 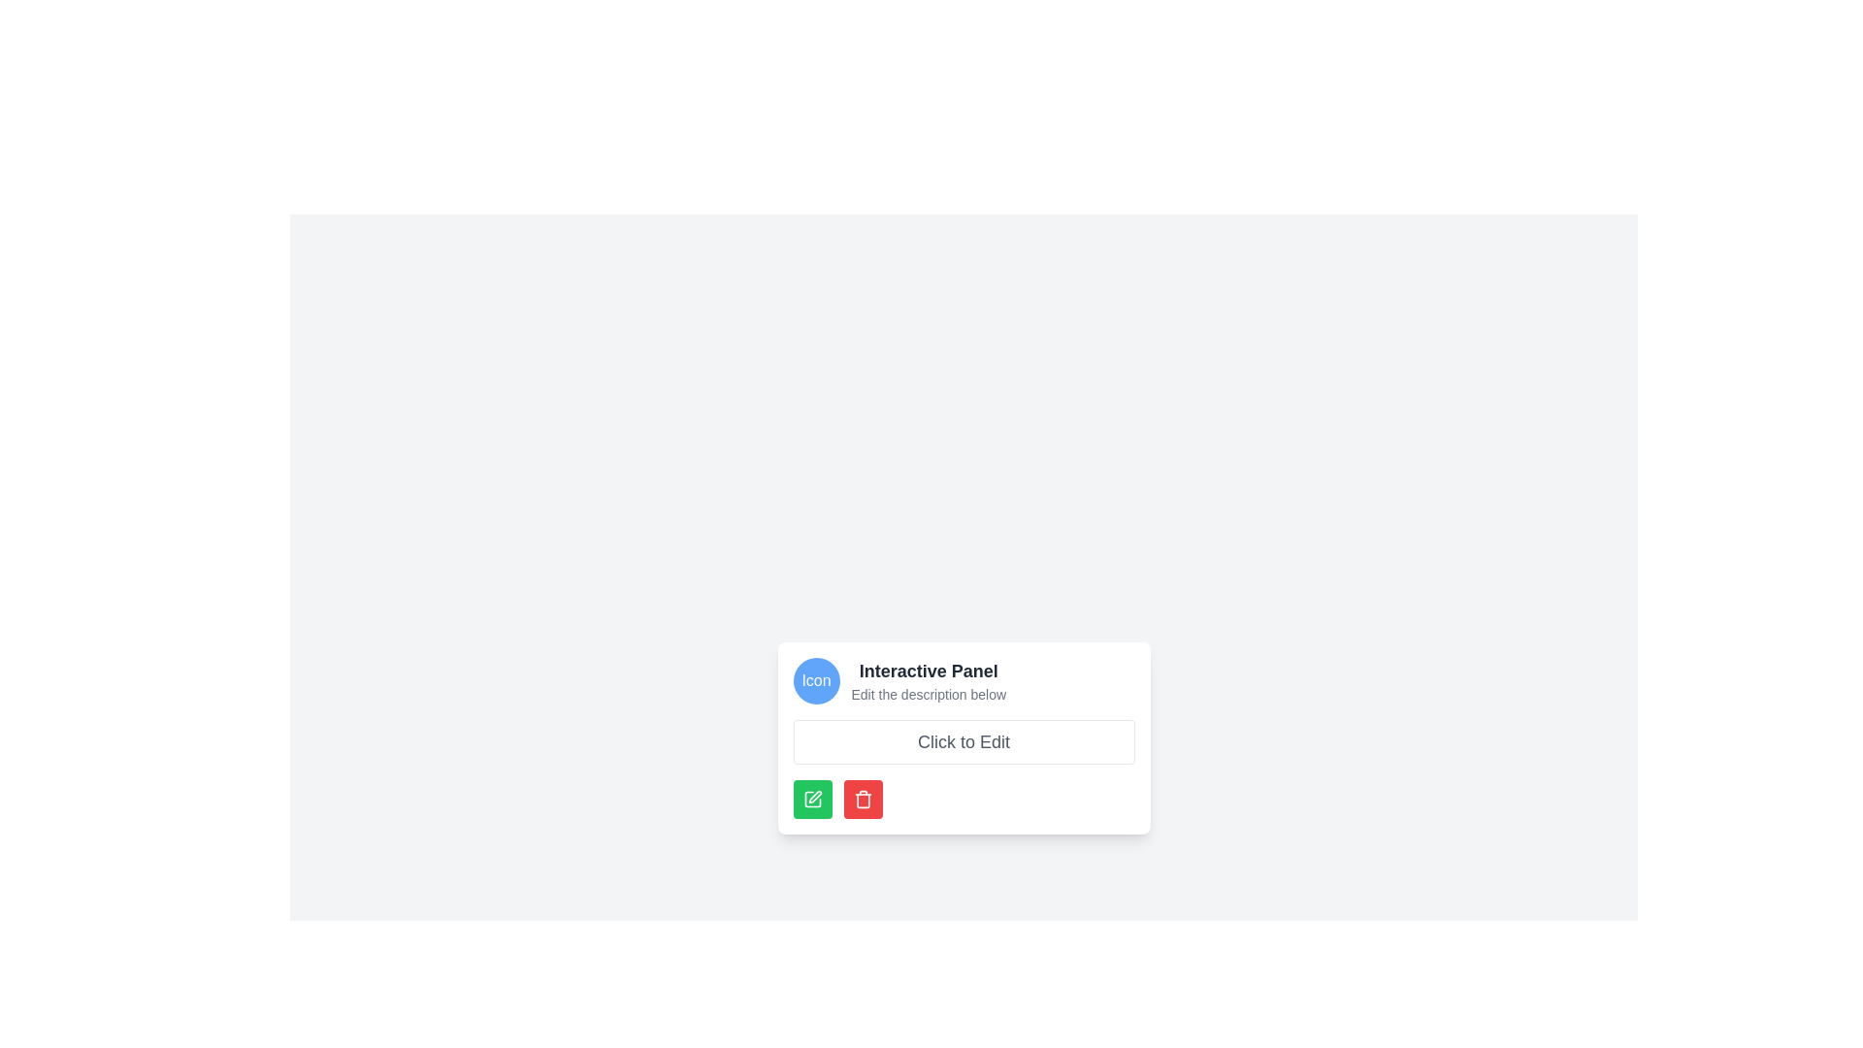 What do you see at coordinates (812, 800) in the screenshot?
I see `the edit button located in the lower section of the panel, which is the first option in a horizontal alignment of two buttons` at bounding box center [812, 800].